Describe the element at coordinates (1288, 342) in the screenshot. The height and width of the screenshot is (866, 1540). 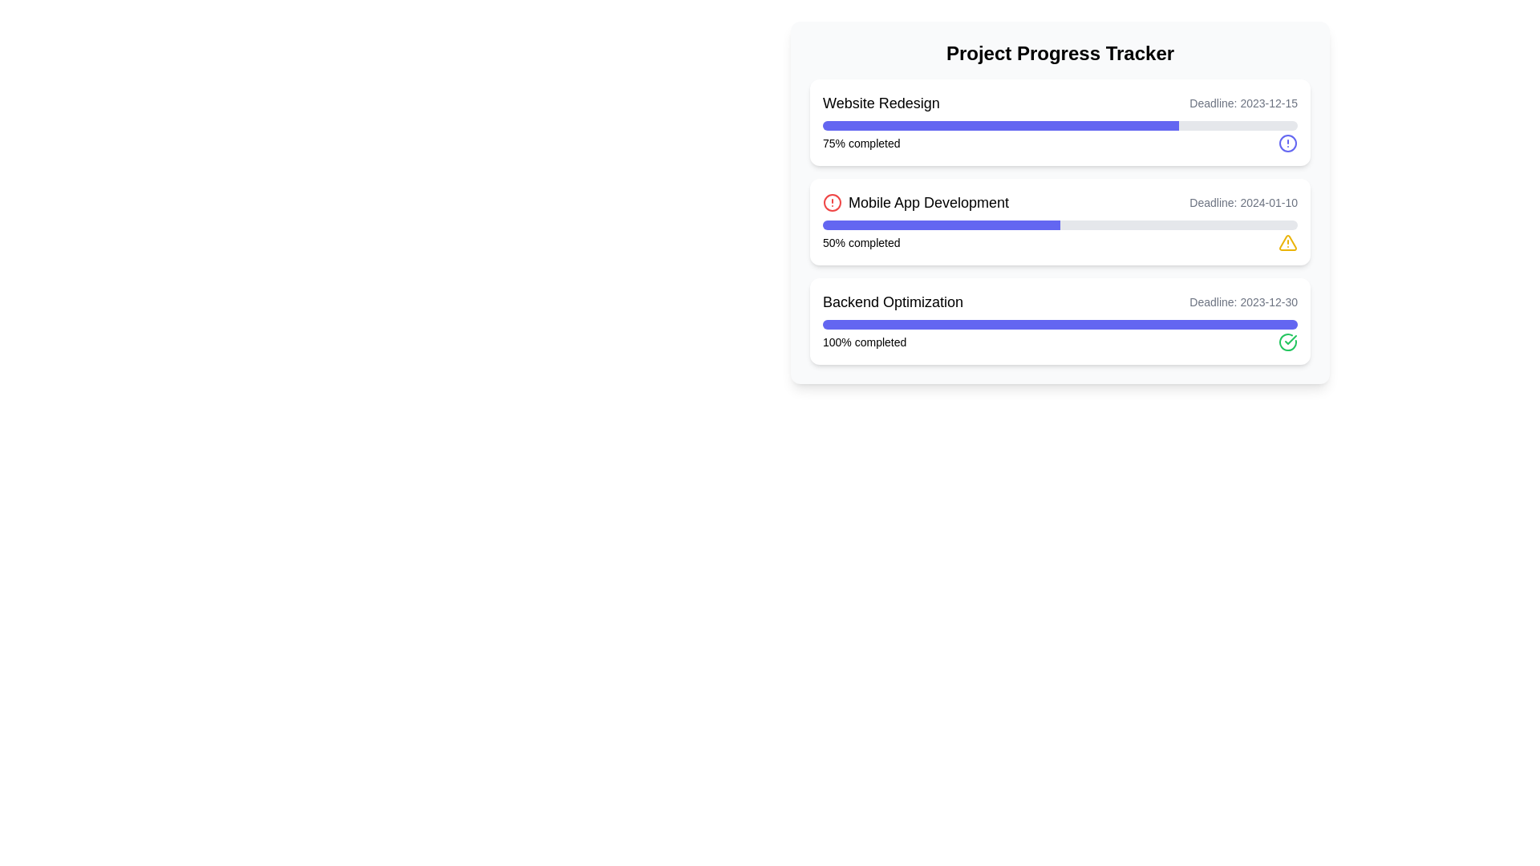
I see `the completion status icon for the 'Backend Optimization' task, which is located to the right of the '100% completed' text in the 'Project Progress Tracker'` at that location.